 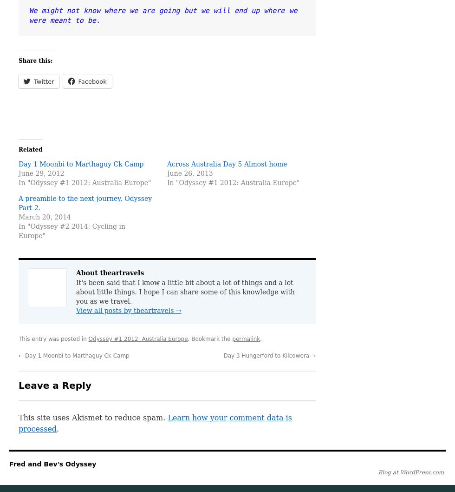 I want to click on 'Twitter', so click(x=44, y=81).